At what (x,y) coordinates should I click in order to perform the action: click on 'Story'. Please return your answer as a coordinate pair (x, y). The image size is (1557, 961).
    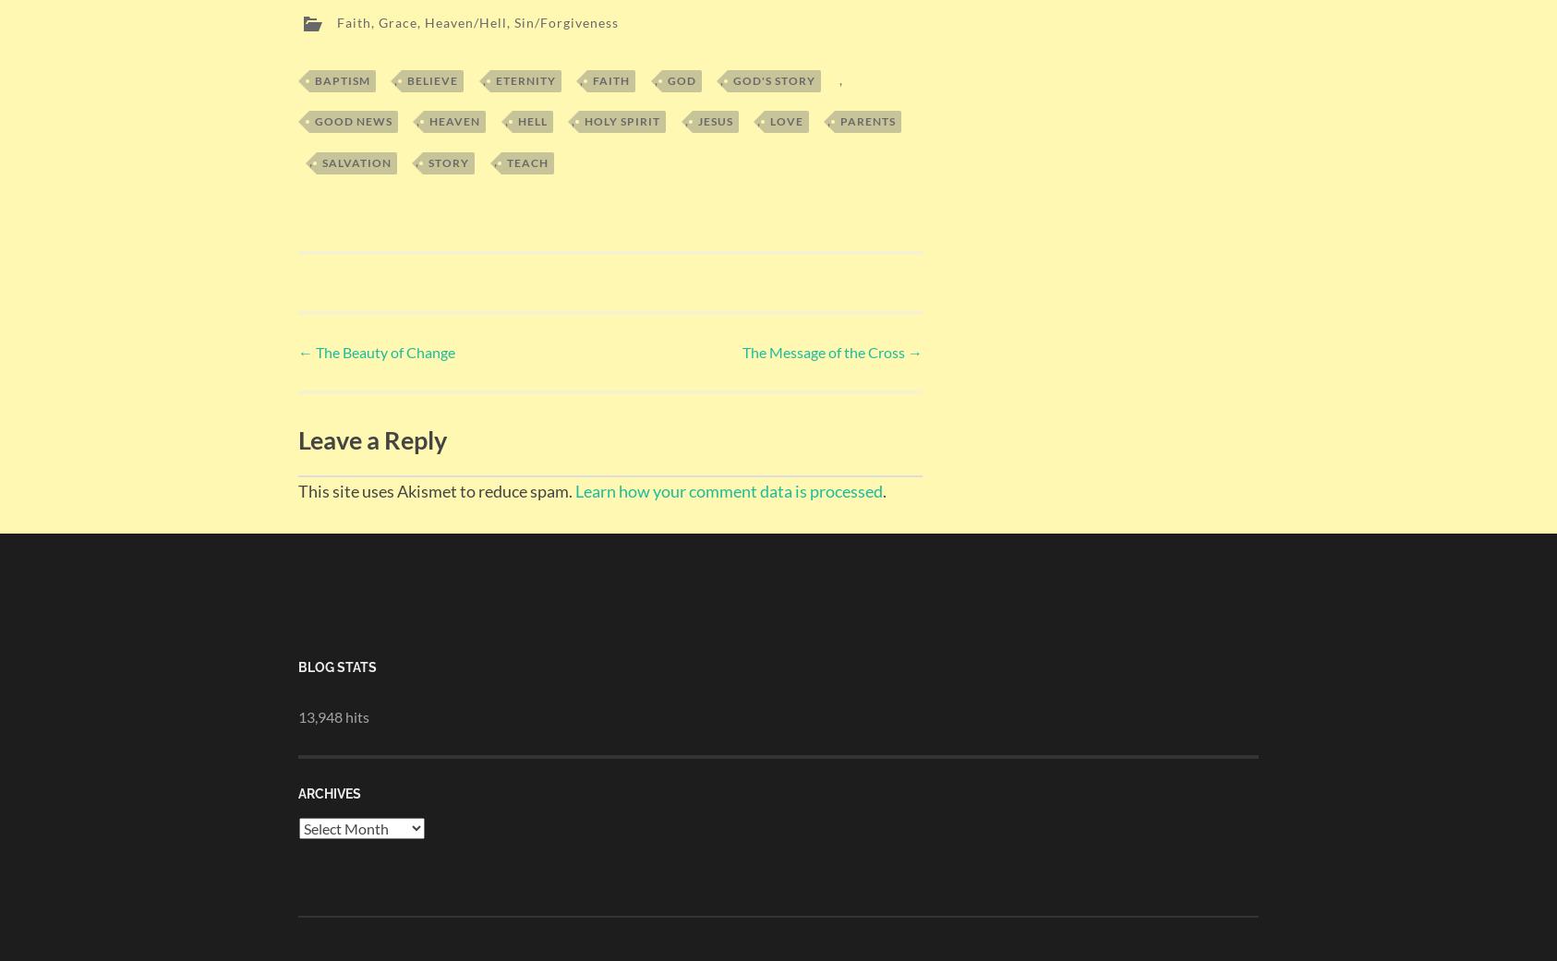
    Looking at the image, I should click on (449, 157).